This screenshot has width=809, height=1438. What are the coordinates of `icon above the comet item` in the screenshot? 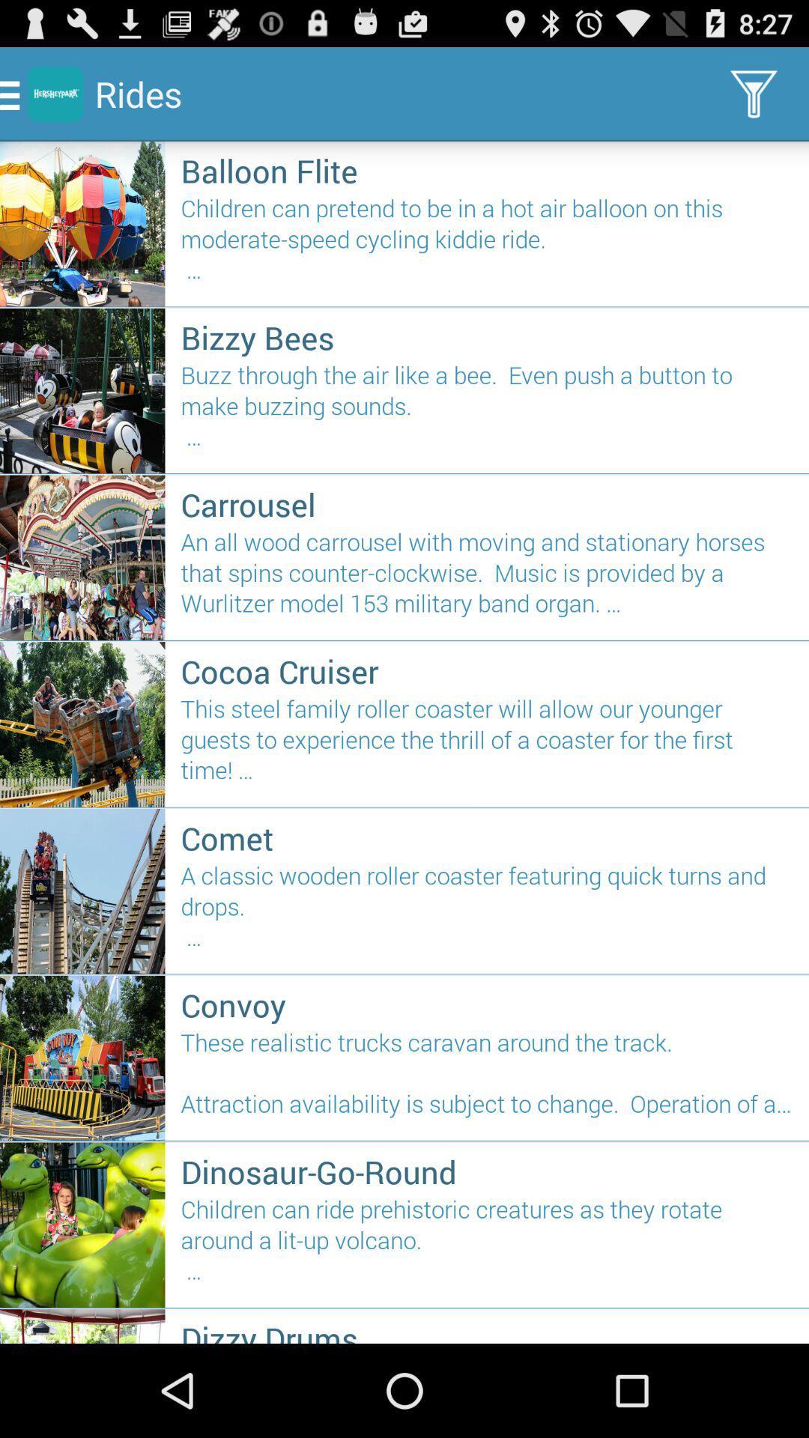 It's located at (487, 746).